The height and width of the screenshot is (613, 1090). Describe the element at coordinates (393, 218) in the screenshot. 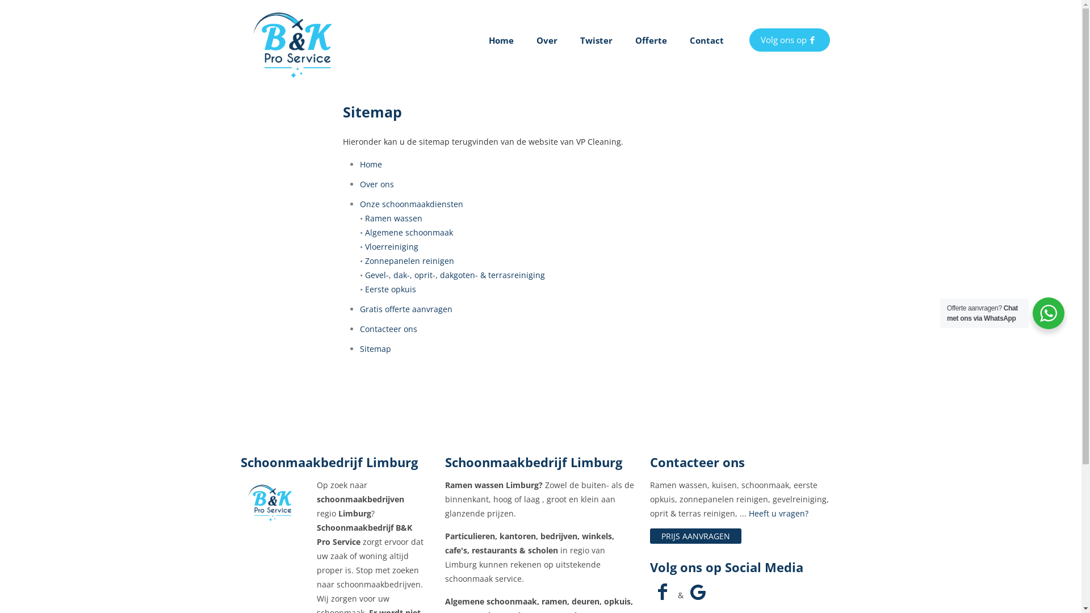

I see `'Ramen wassen'` at that location.